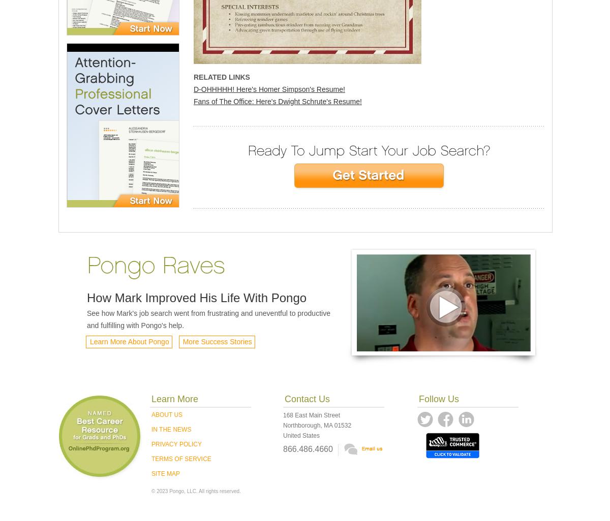 This screenshot has width=610, height=521. I want to click on 'IN THE NEWS', so click(171, 430).